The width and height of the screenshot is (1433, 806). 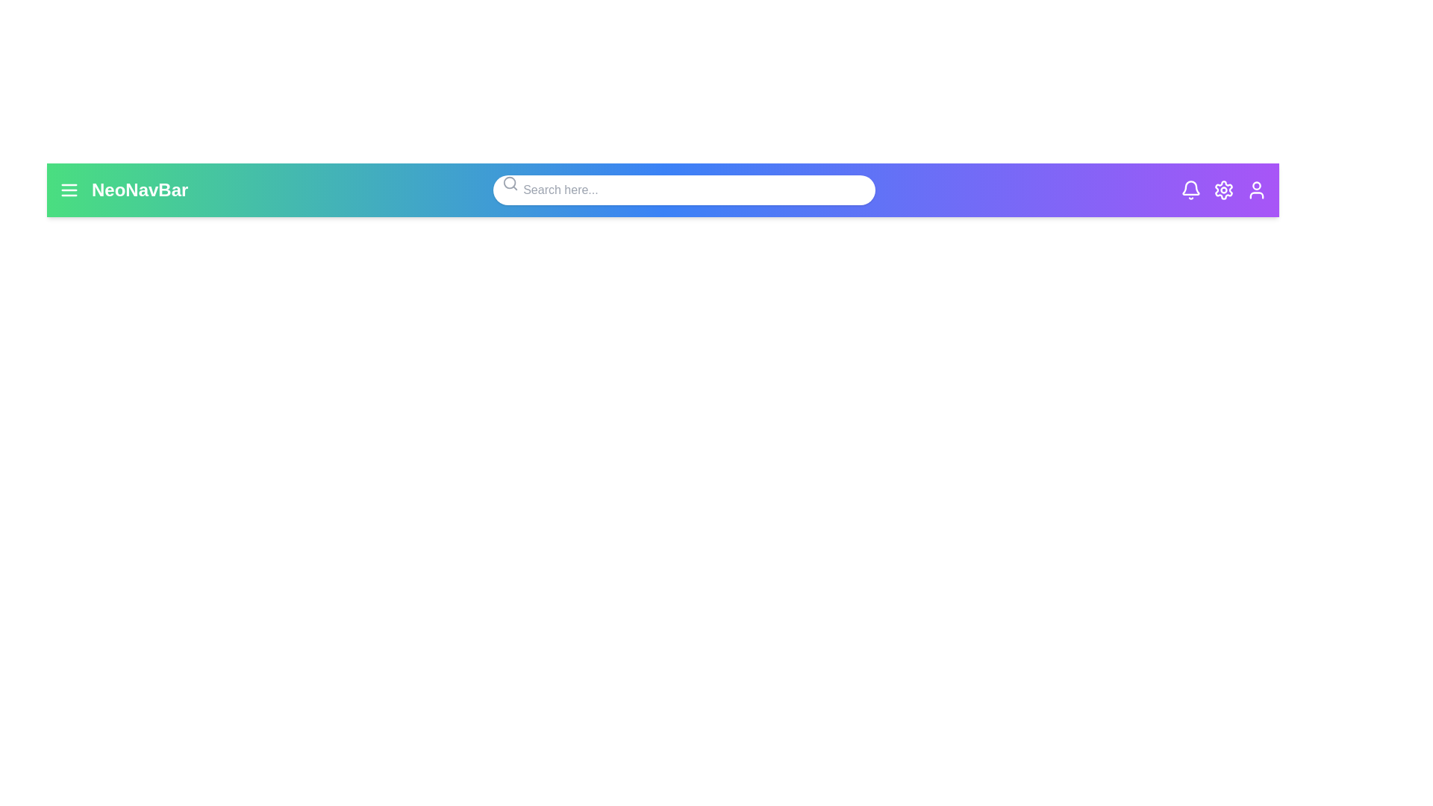 What do you see at coordinates (683, 189) in the screenshot?
I see `the center of the search input field to focus on it` at bounding box center [683, 189].